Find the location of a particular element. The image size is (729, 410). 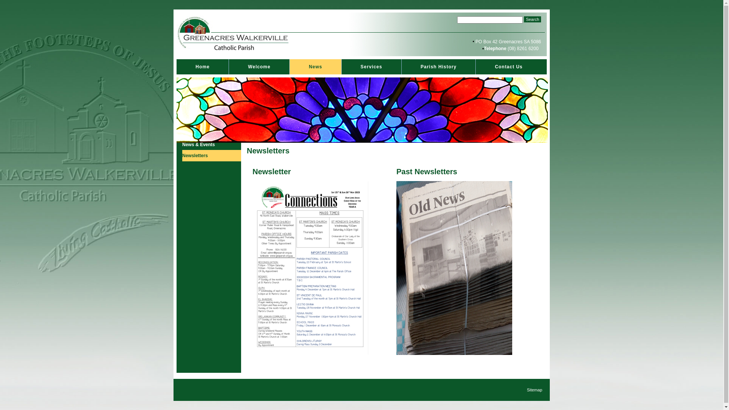

'Parish History' is located at coordinates (439, 66).